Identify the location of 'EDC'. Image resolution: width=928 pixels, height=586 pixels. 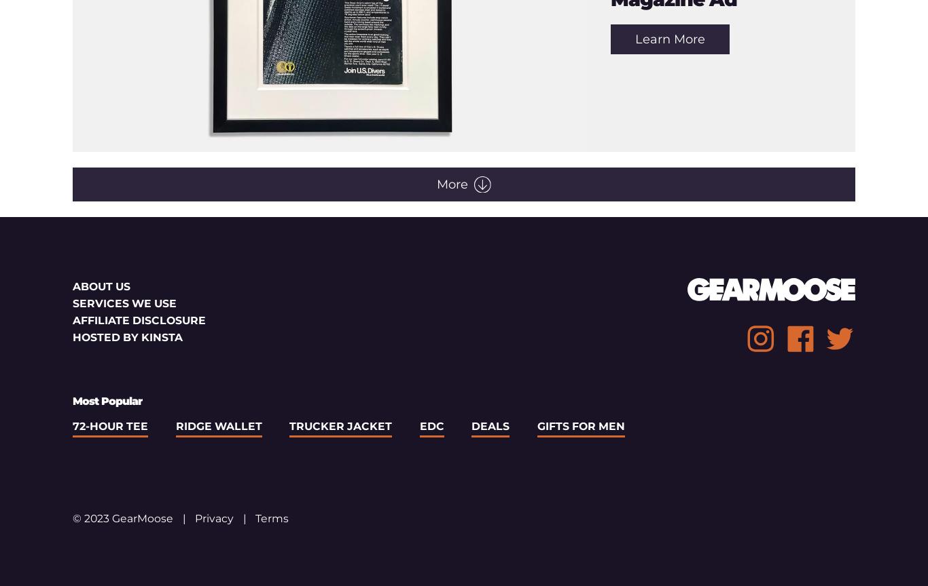
(431, 425).